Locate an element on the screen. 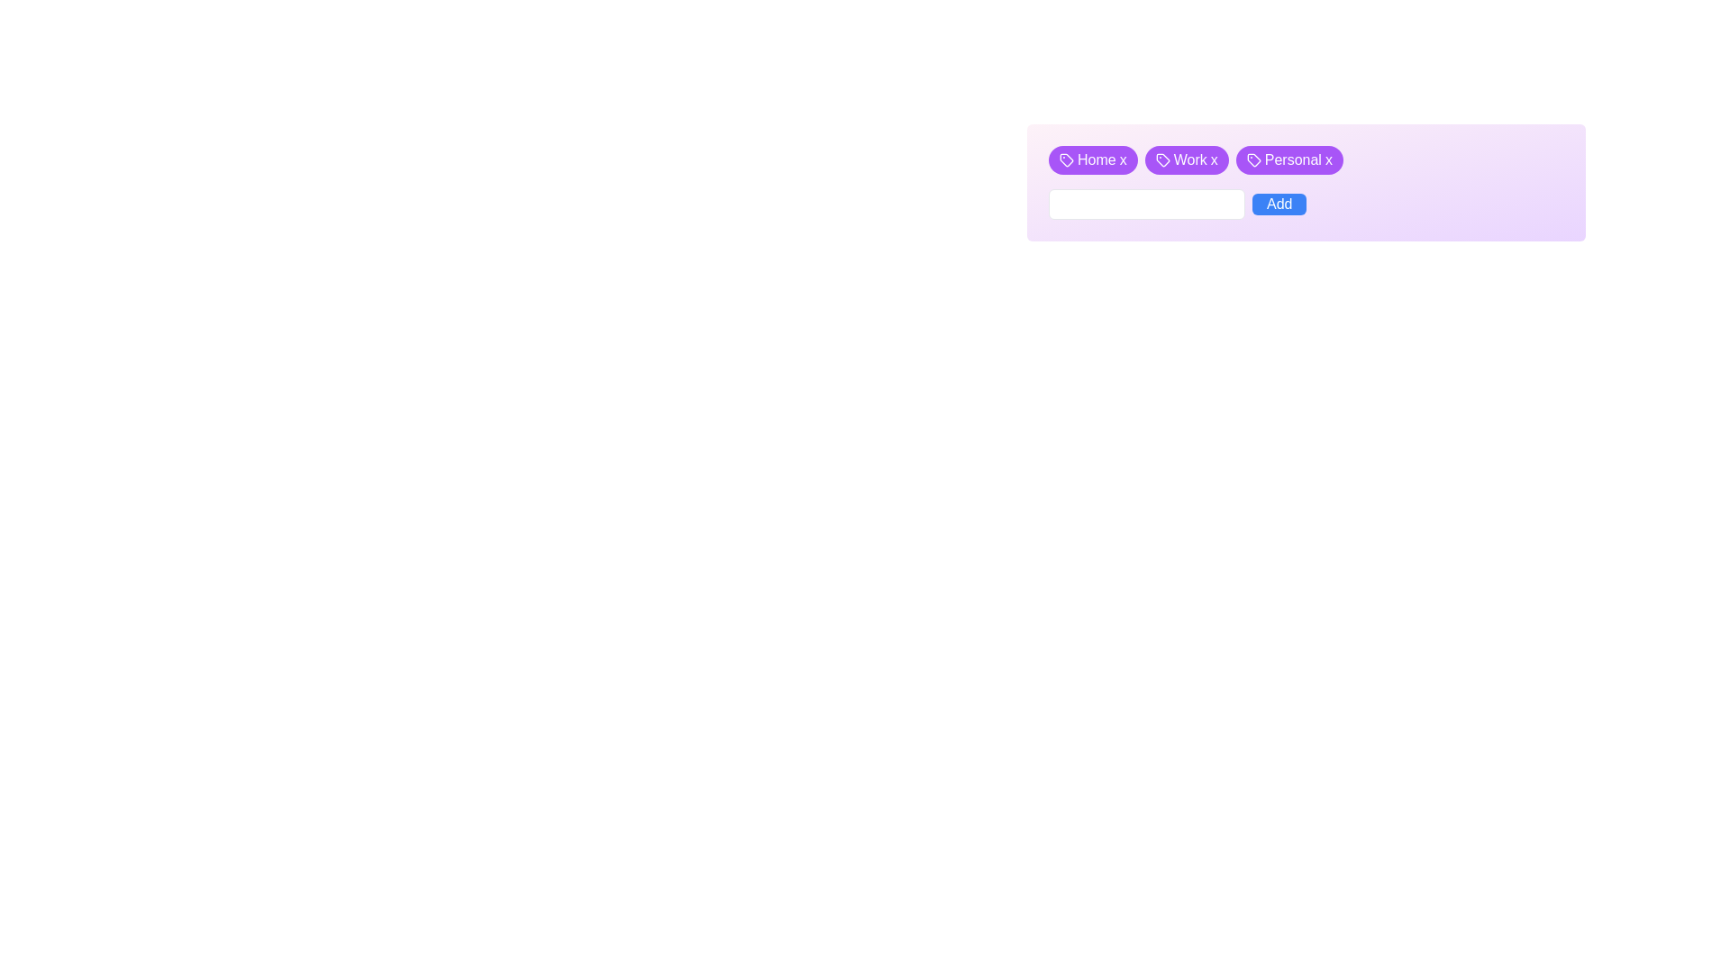 Image resolution: width=1730 pixels, height=973 pixels. the second tag in the horizontal list of tags located in the upper-left area of the interface is located at coordinates (1187, 159).